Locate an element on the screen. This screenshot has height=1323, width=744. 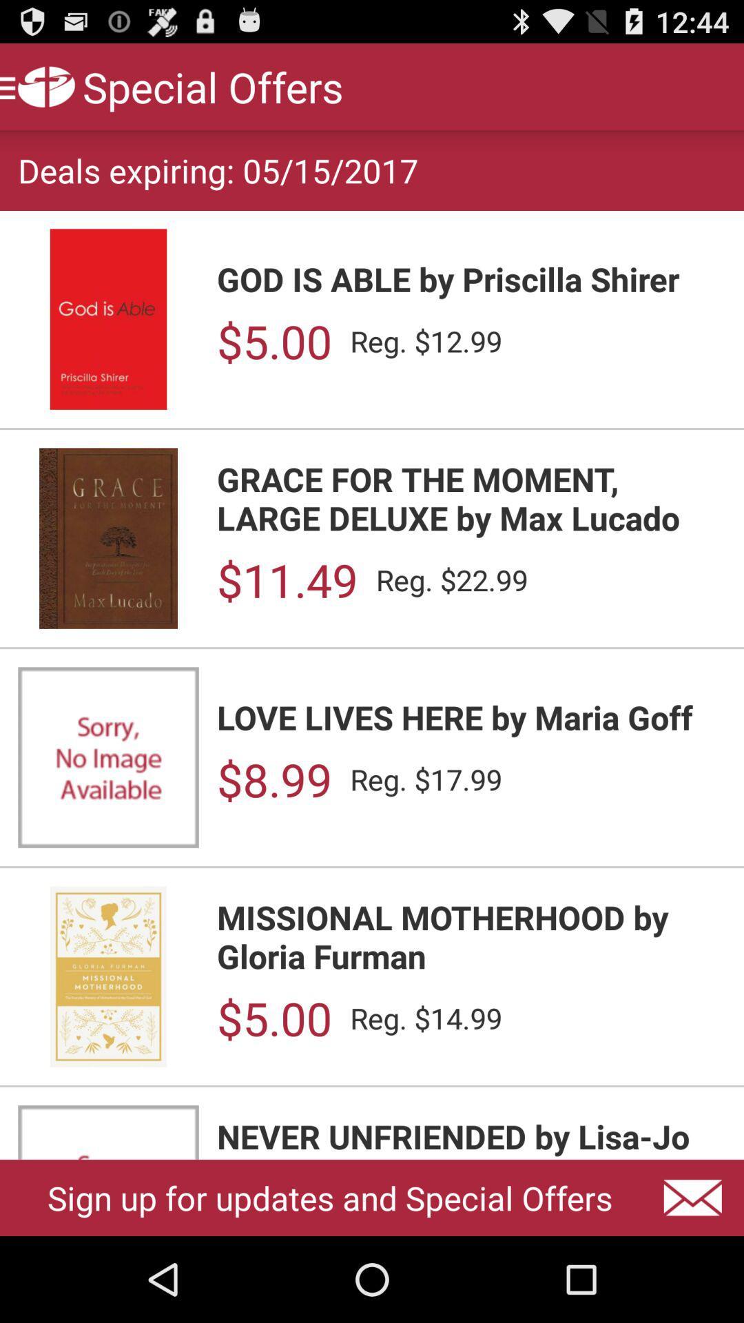
app to the left of the reg. $22.99 is located at coordinates (287, 580).